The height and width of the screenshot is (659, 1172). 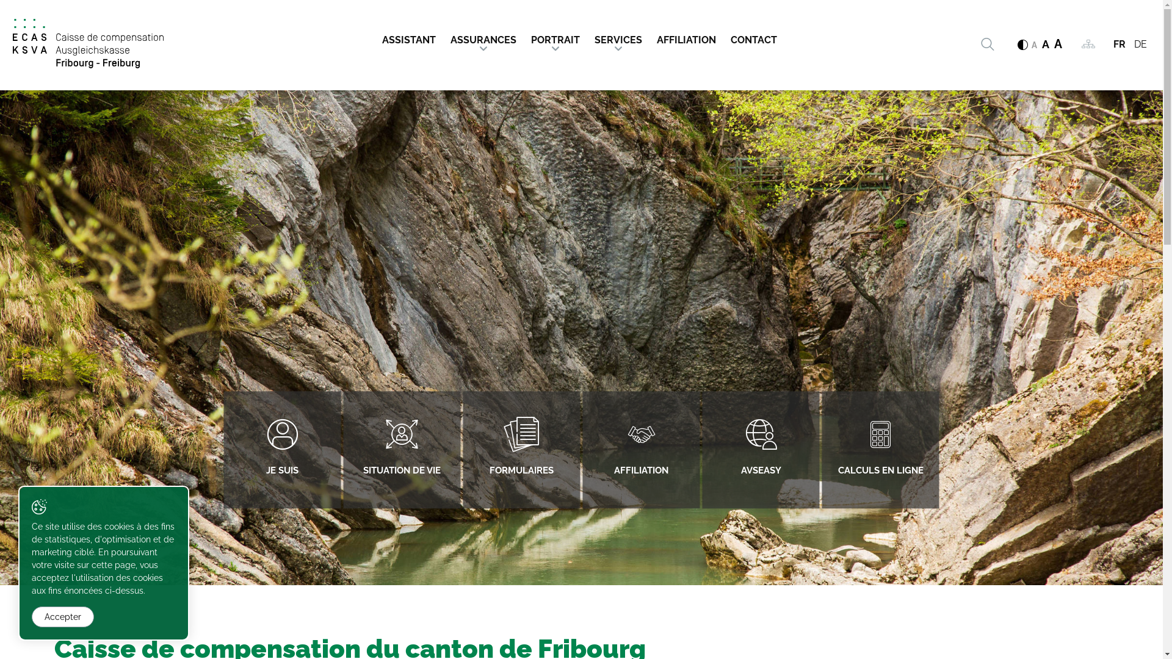 What do you see at coordinates (1140, 43) in the screenshot?
I see `'DE'` at bounding box center [1140, 43].